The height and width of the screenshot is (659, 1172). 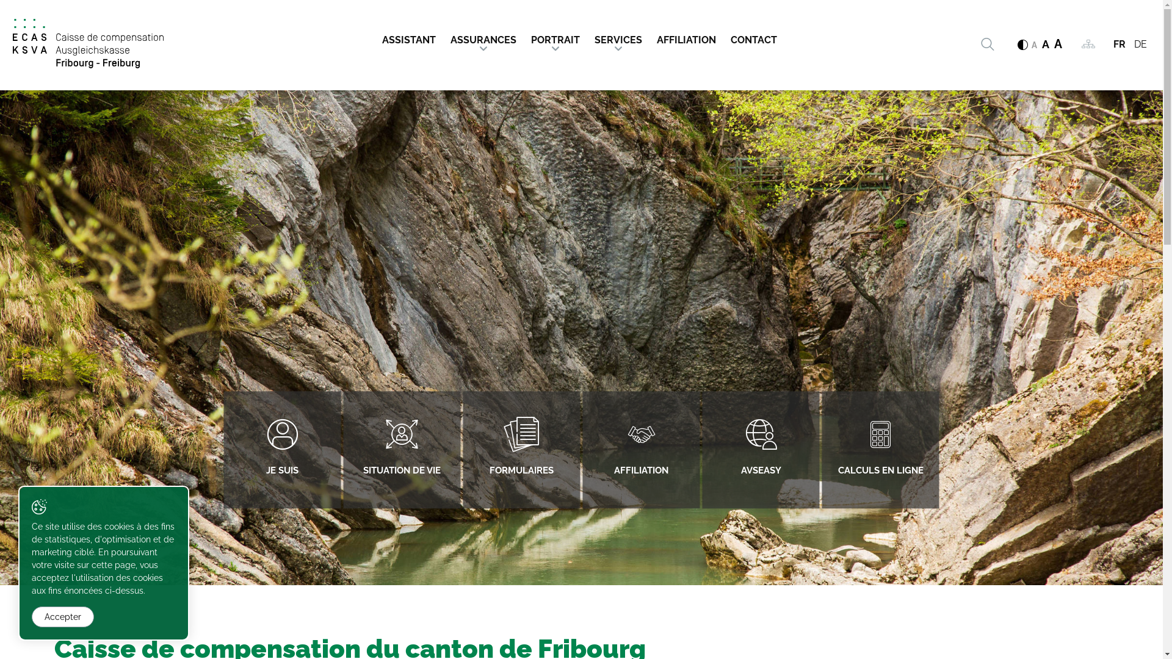 What do you see at coordinates (1140, 43) in the screenshot?
I see `'DE'` at bounding box center [1140, 43].